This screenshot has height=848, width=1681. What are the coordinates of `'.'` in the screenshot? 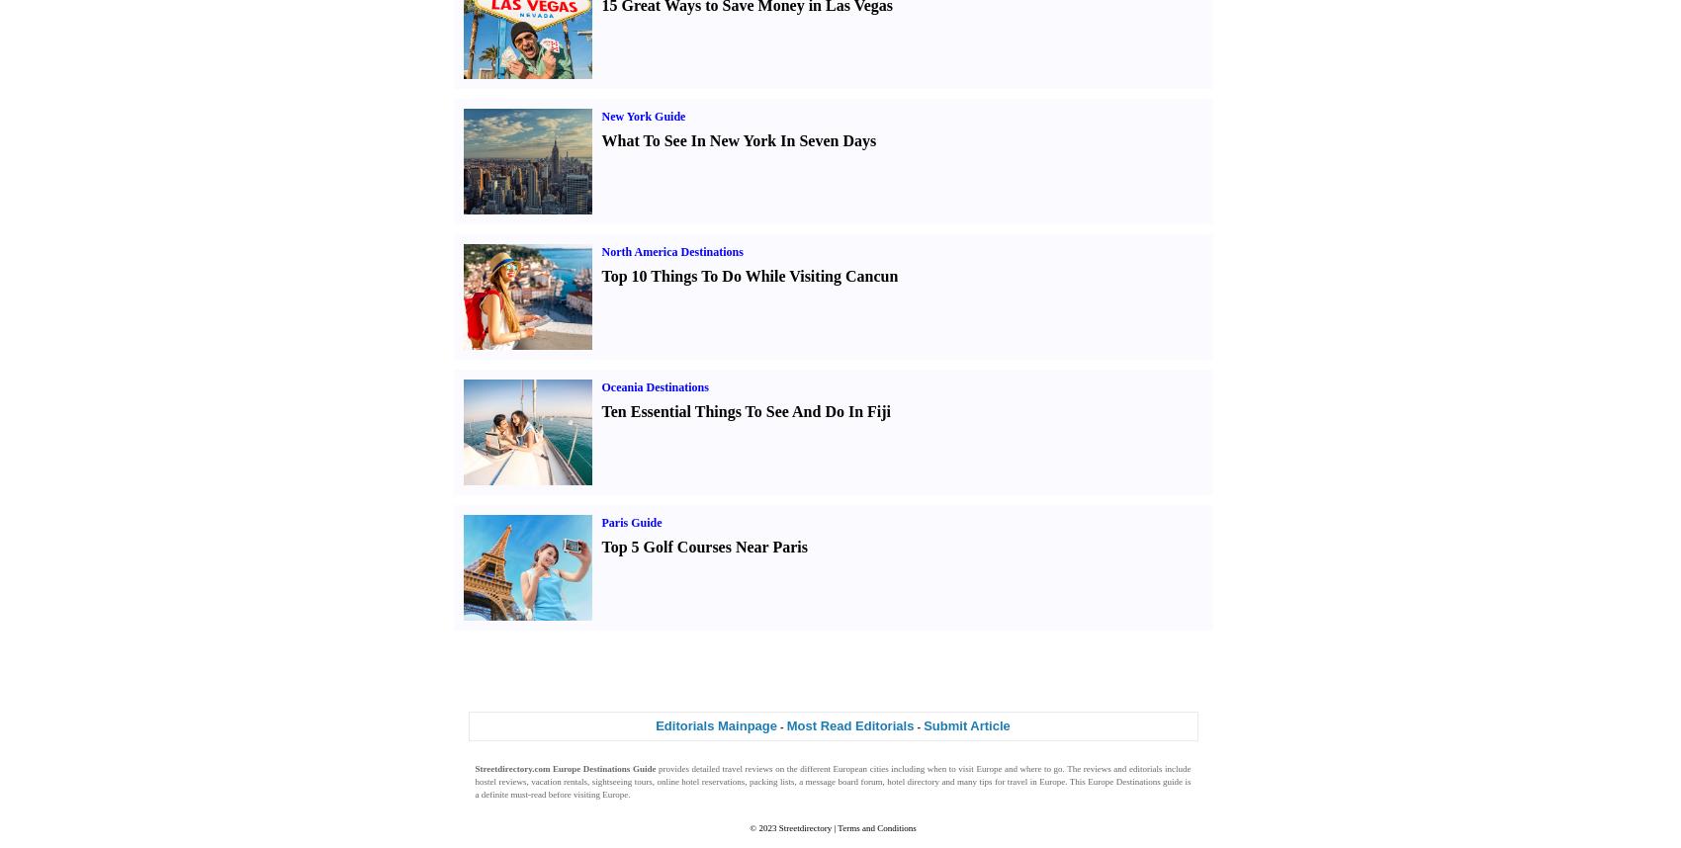 It's located at (627, 794).